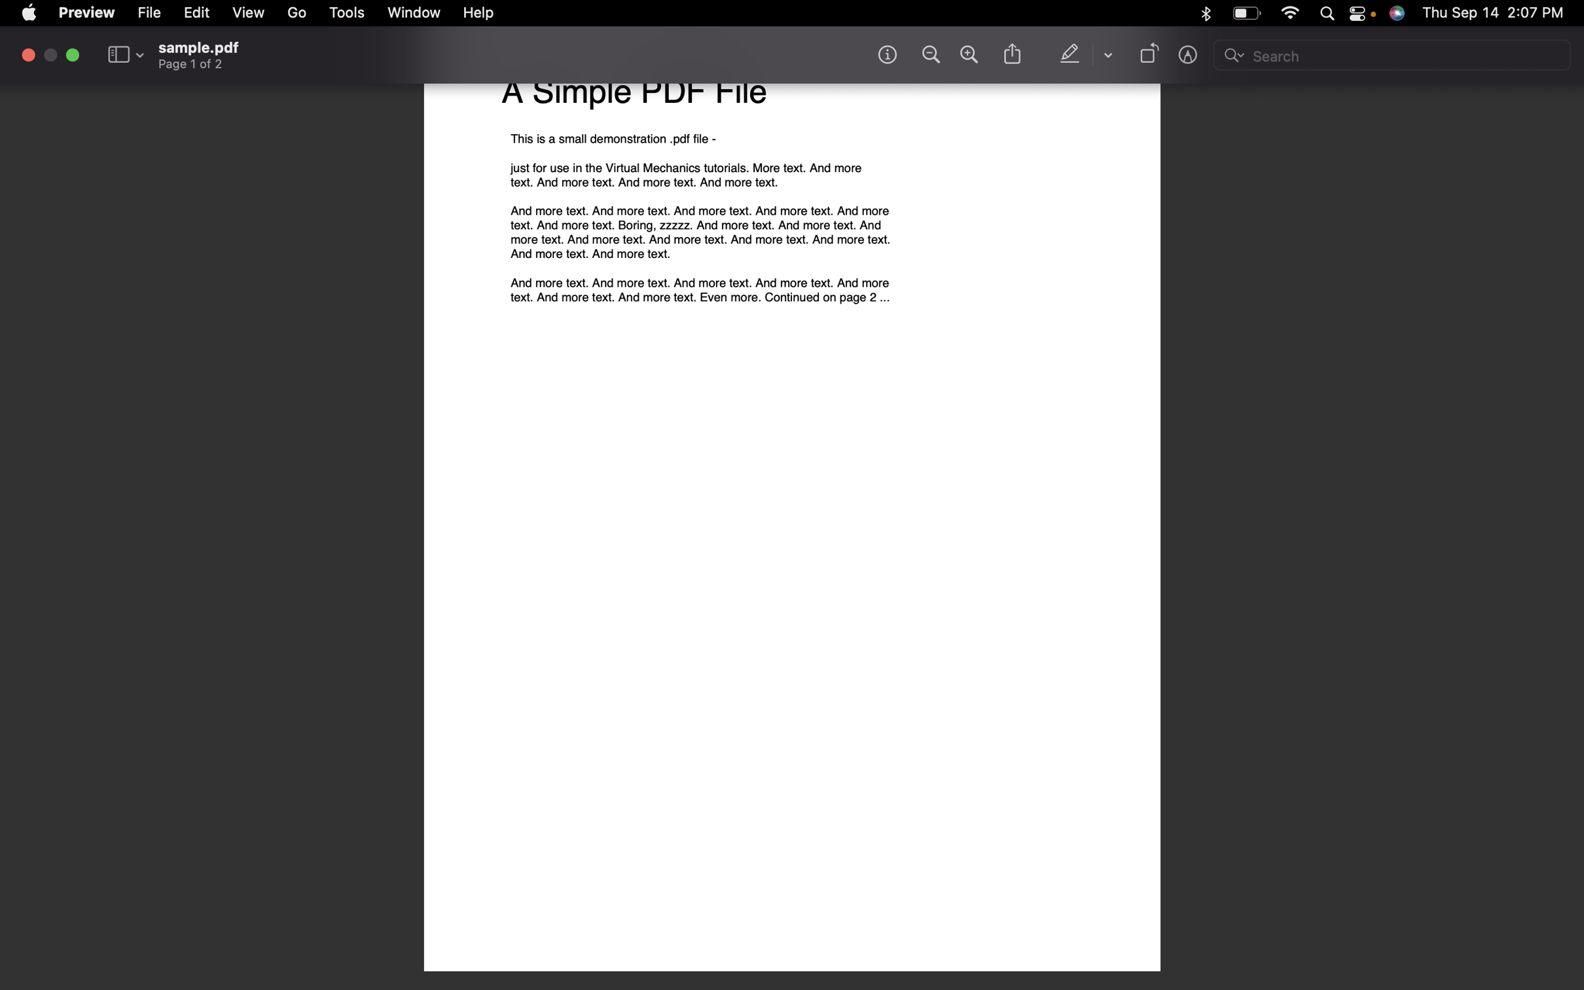 The width and height of the screenshot is (1584, 990). I want to click on Decrease the zoom level of the document, so click(928, 54).